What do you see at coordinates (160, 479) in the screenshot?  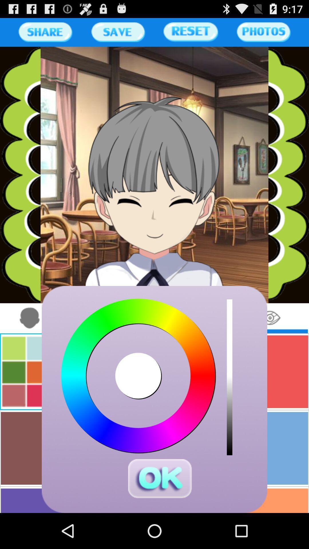 I see `ok` at bounding box center [160, 479].